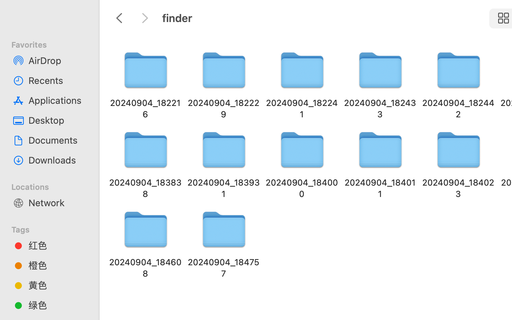 Image resolution: width=512 pixels, height=320 pixels. What do you see at coordinates (57, 60) in the screenshot?
I see `'AirDrop'` at bounding box center [57, 60].